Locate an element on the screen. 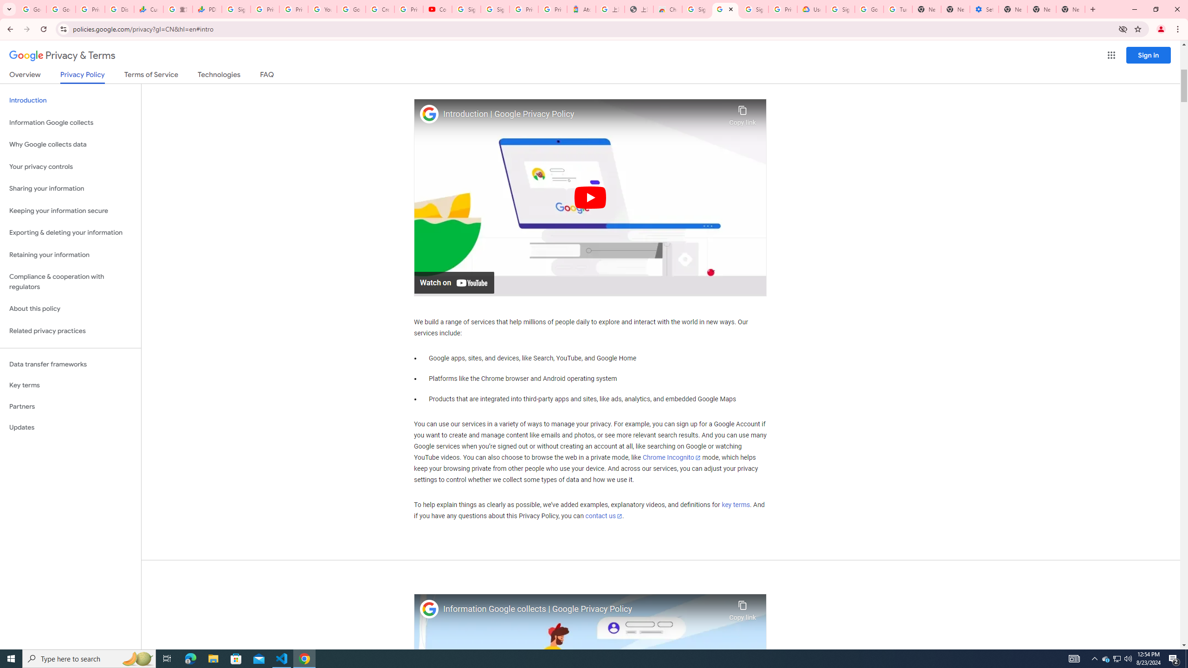 The image size is (1188, 668). 'Terms of Service' is located at coordinates (151, 76).